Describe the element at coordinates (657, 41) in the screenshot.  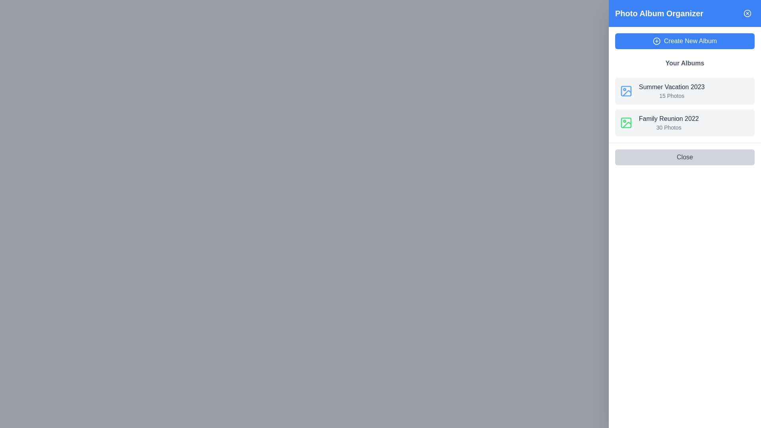
I see `the icon that represents the action of creating a new album, which is located to the left of the 'Create New Album' button text in the interface, part of a wide blue button at the top center of the sidebar` at that location.